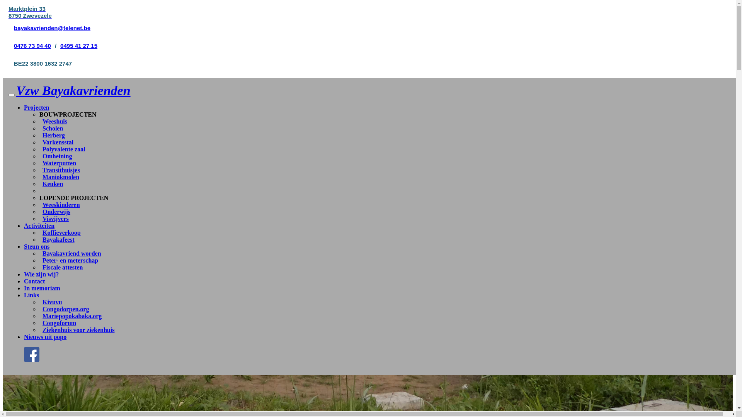 The image size is (742, 417). What do you see at coordinates (54, 212) in the screenshot?
I see `'Onderwijs'` at bounding box center [54, 212].